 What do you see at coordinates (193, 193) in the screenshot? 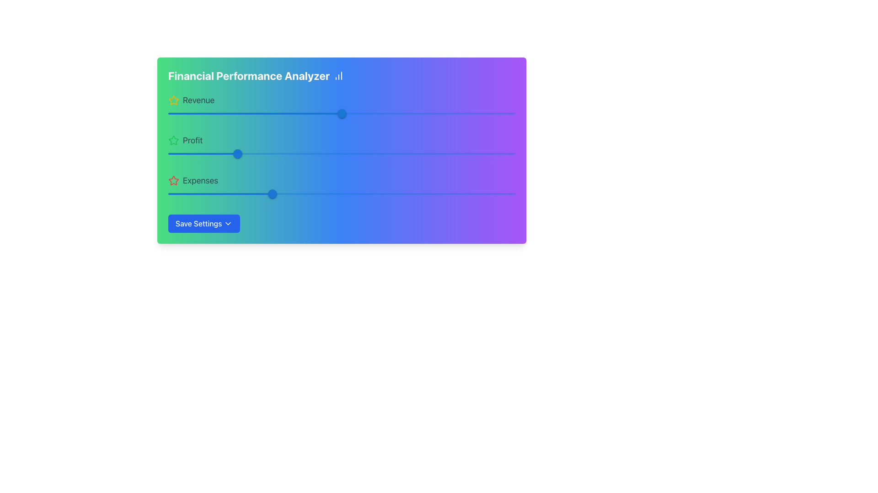
I see `the slider value` at bounding box center [193, 193].